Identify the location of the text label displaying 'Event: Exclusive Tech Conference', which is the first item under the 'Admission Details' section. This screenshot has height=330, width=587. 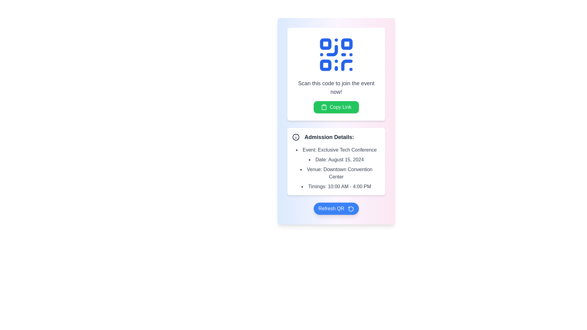
(336, 150).